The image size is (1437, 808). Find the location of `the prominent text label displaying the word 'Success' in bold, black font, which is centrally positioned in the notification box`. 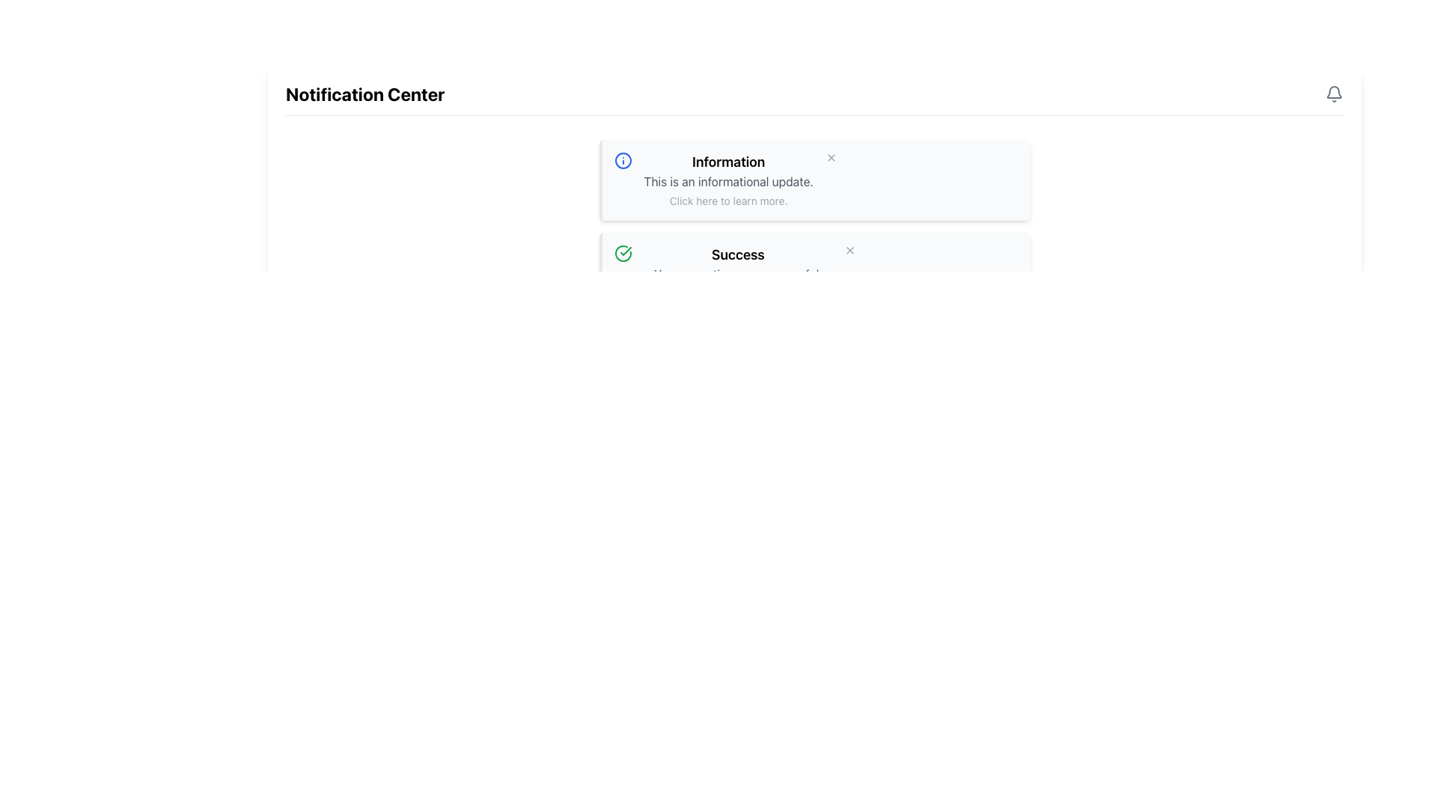

the prominent text label displaying the word 'Success' in bold, black font, which is centrally positioned in the notification box is located at coordinates (738, 254).